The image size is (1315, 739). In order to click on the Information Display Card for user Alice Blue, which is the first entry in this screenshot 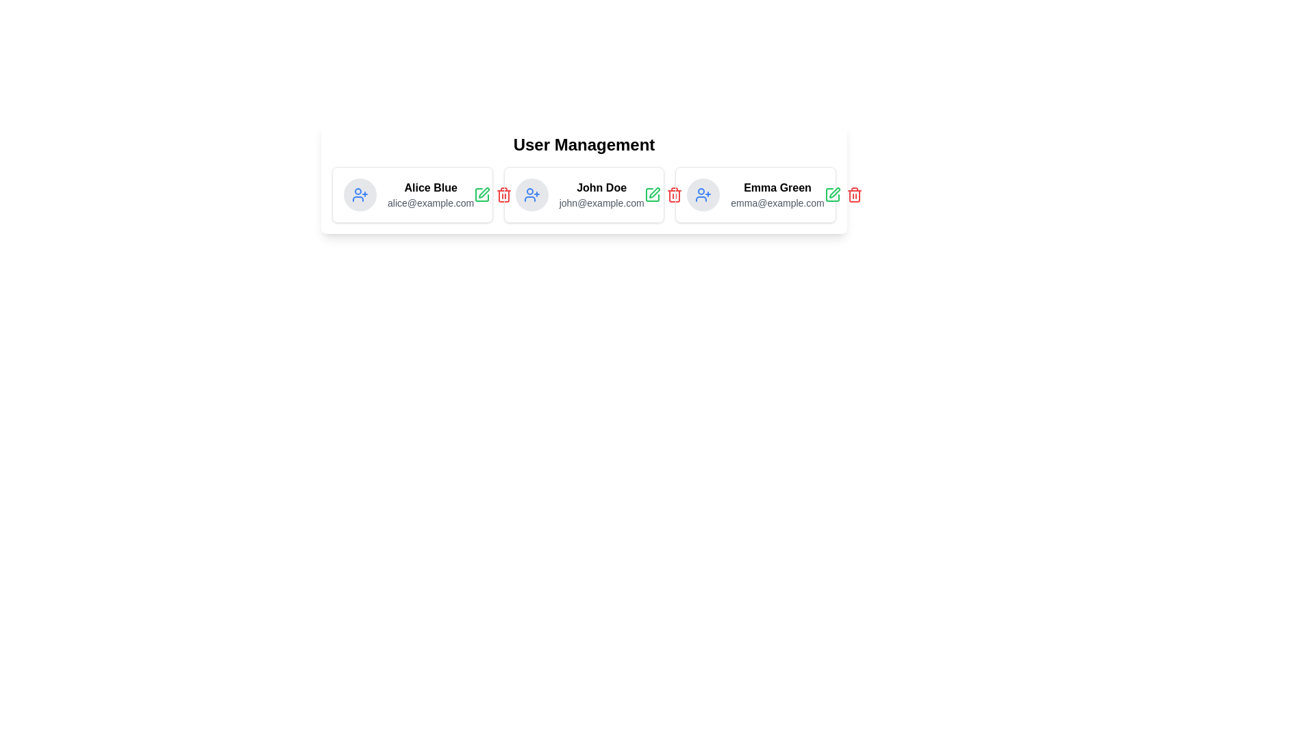, I will do `click(408, 195)`.